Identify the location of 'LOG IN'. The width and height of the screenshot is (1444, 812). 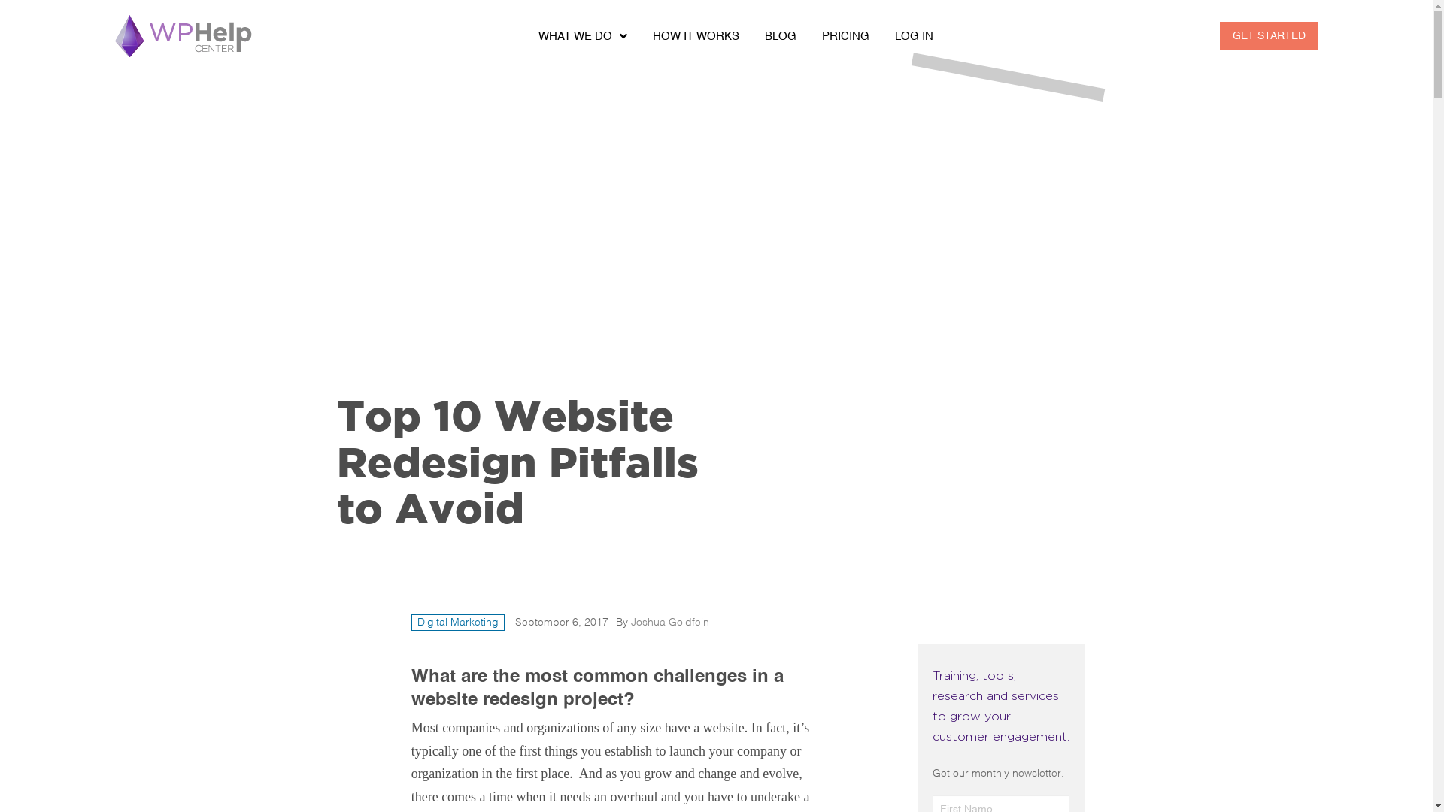
(912, 35).